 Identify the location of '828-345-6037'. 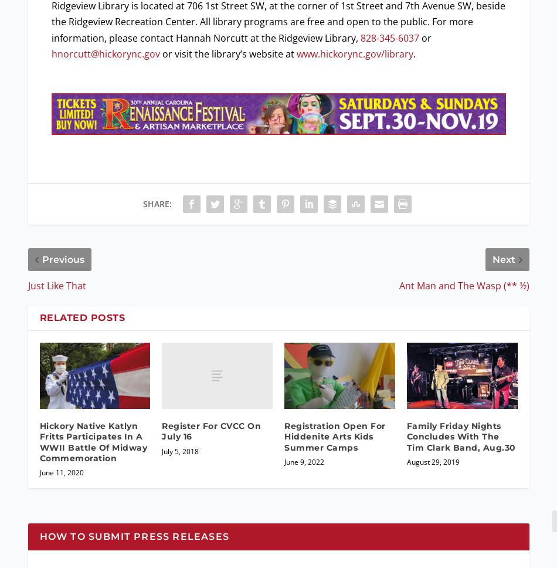
(389, 36).